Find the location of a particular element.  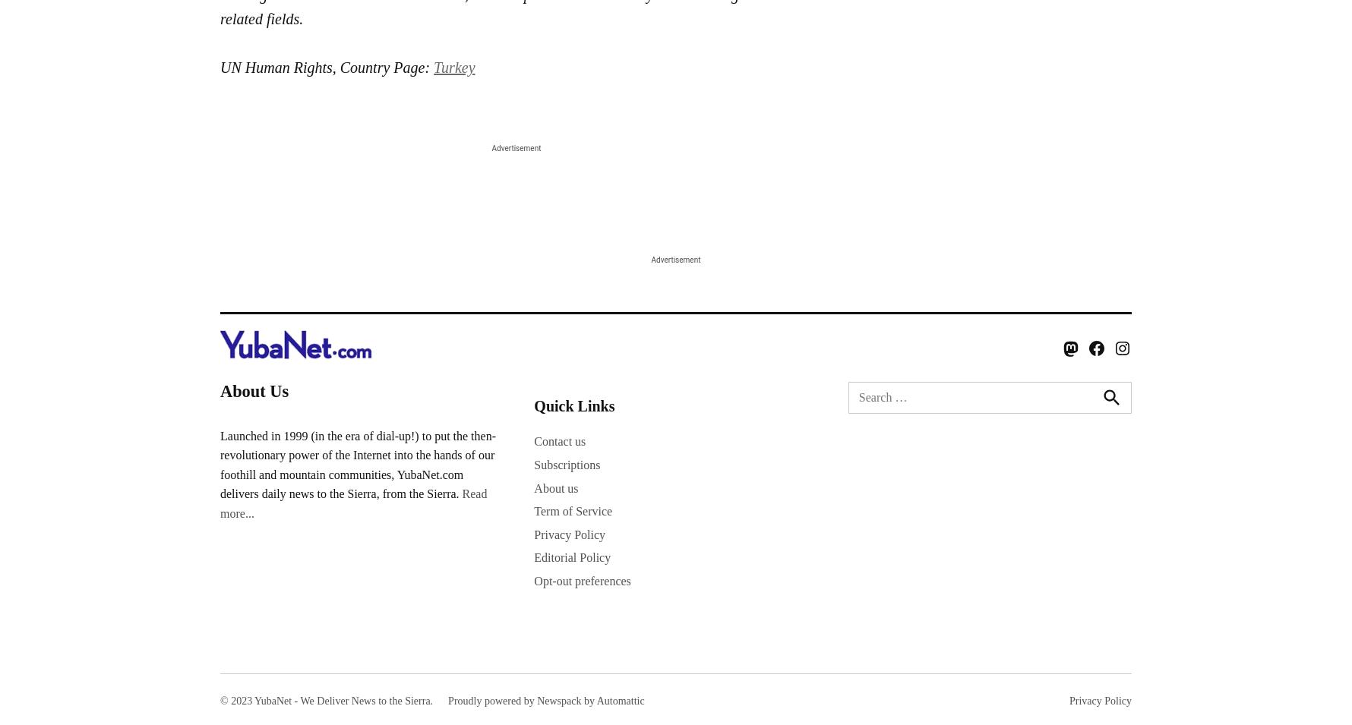

'Opt-out preferences' is located at coordinates (582, 579).